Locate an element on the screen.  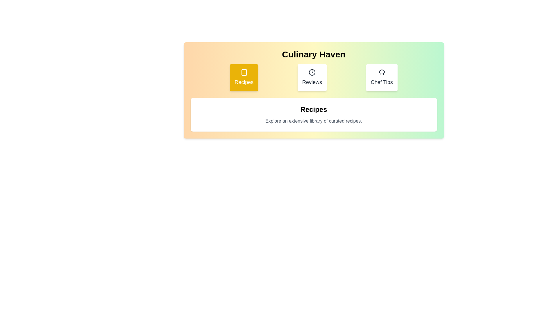
the tab labeled Recipes to observe its hover effect is located at coordinates (244, 77).